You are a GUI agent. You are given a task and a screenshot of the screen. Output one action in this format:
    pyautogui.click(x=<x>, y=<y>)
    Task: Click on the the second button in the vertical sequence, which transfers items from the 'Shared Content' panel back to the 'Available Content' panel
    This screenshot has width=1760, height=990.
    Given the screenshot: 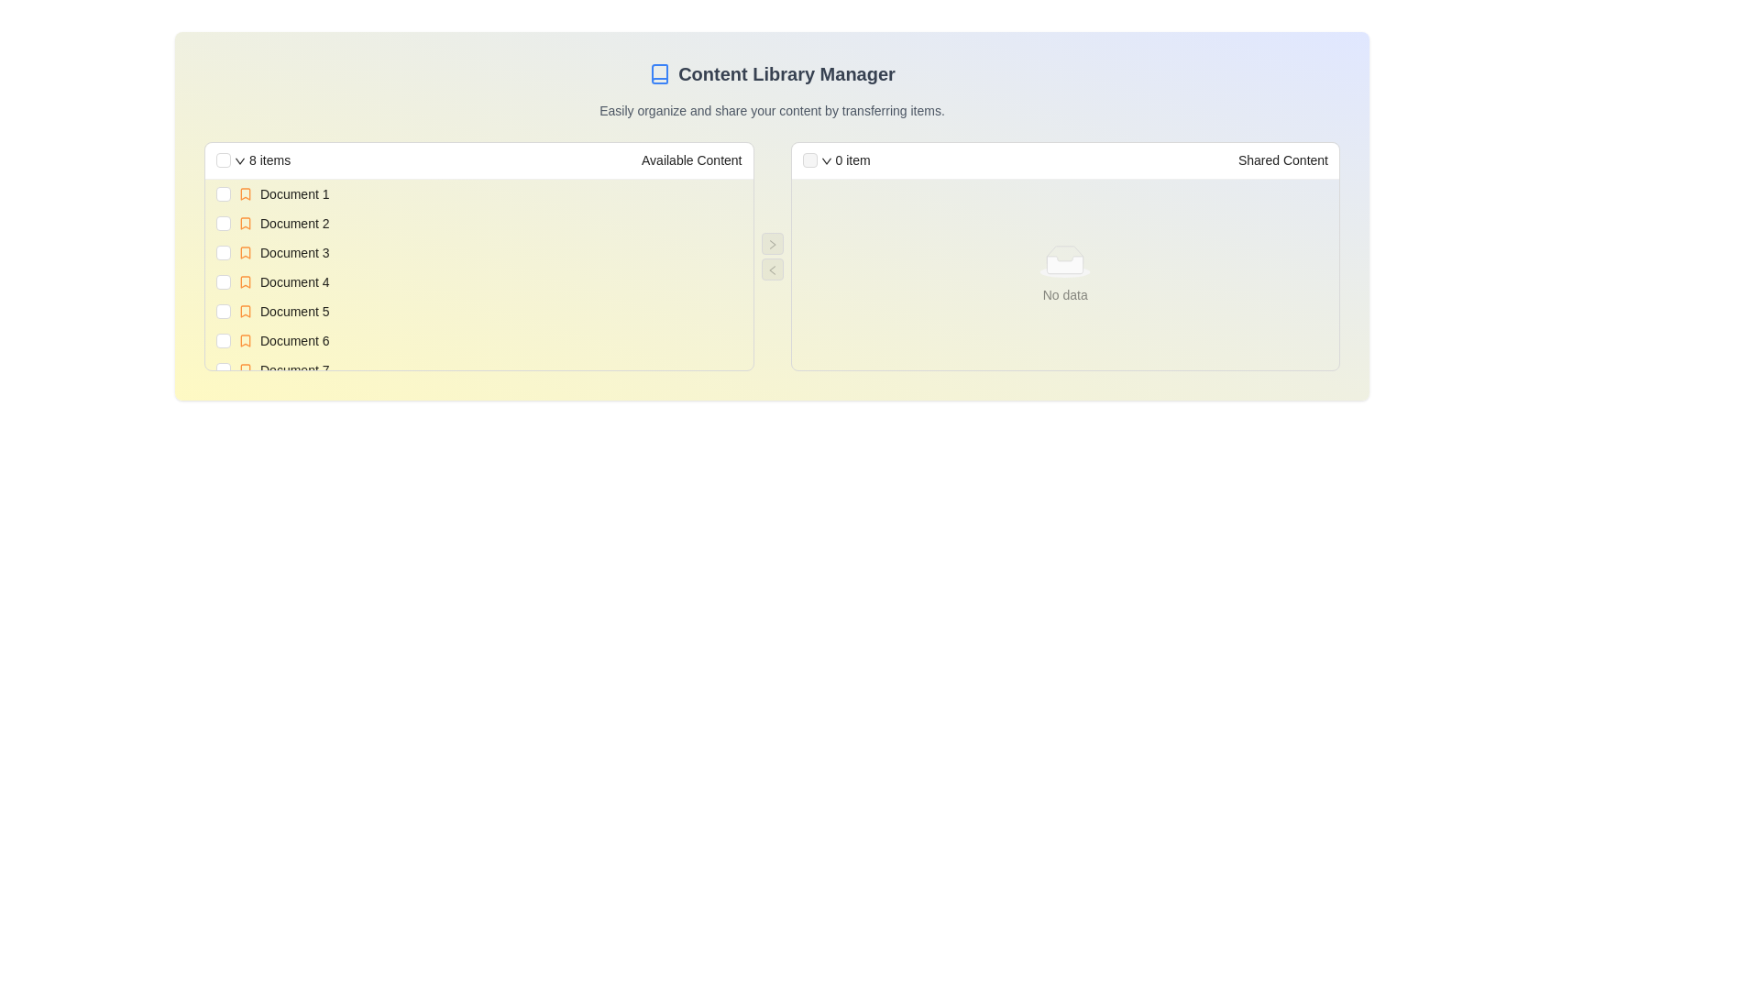 What is the action you would take?
    pyautogui.click(x=772, y=269)
    